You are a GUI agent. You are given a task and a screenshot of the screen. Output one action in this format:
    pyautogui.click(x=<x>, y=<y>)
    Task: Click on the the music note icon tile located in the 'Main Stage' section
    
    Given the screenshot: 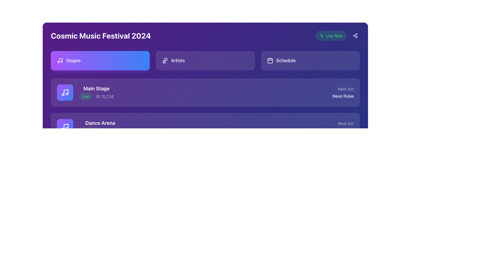 What is the action you would take?
    pyautogui.click(x=65, y=93)
    